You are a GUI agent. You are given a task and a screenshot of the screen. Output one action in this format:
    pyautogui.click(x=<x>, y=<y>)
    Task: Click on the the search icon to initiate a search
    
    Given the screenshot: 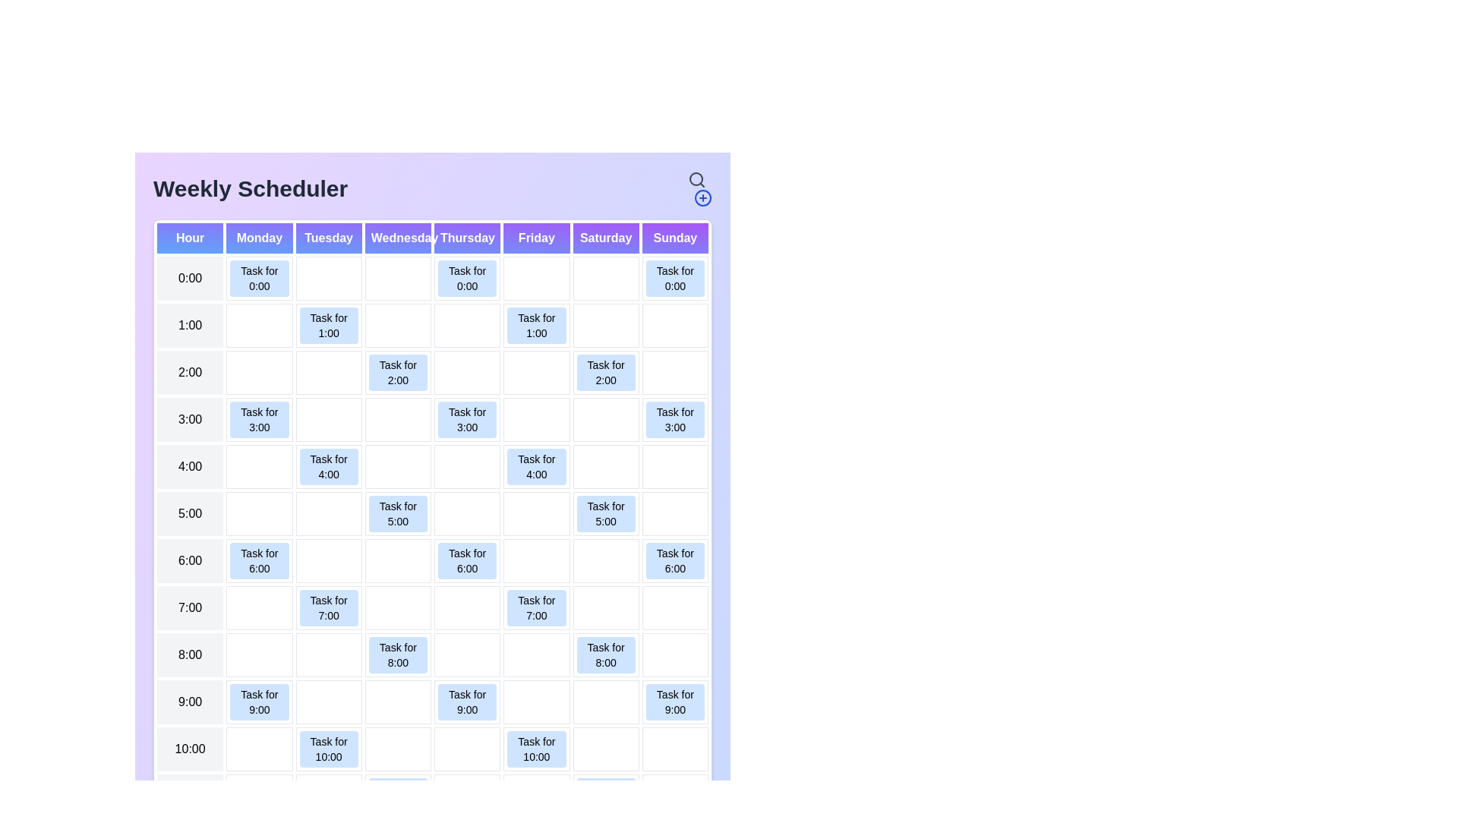 What is the action you would take?
    pyautogui.click(x=696, y=178)
    